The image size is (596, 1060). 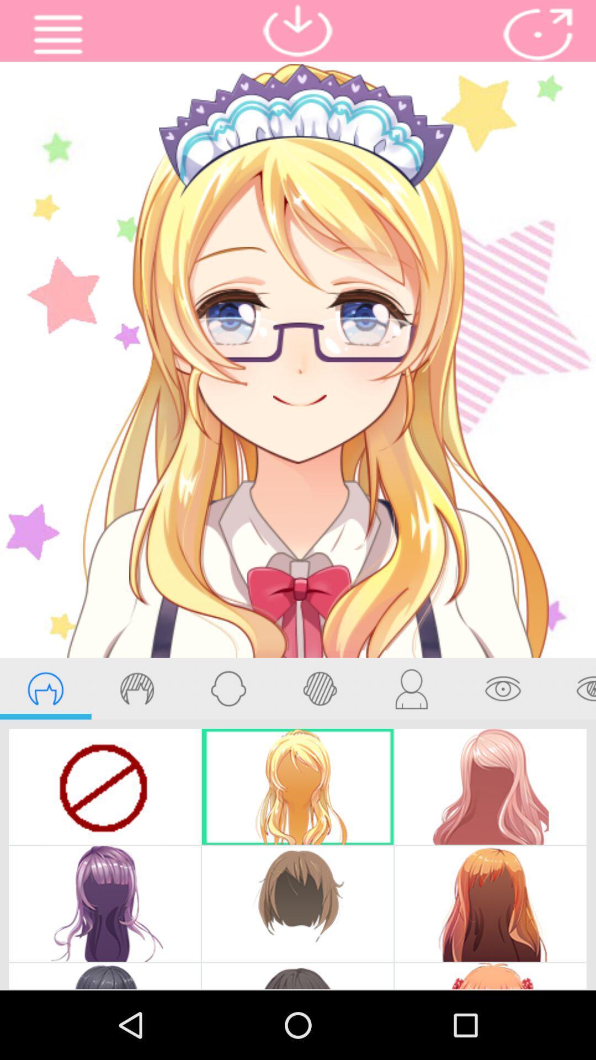 What do you see at coordinates (503, 688) in the screenshot?
I see `customize eyes` at bounding box center [503, 688].